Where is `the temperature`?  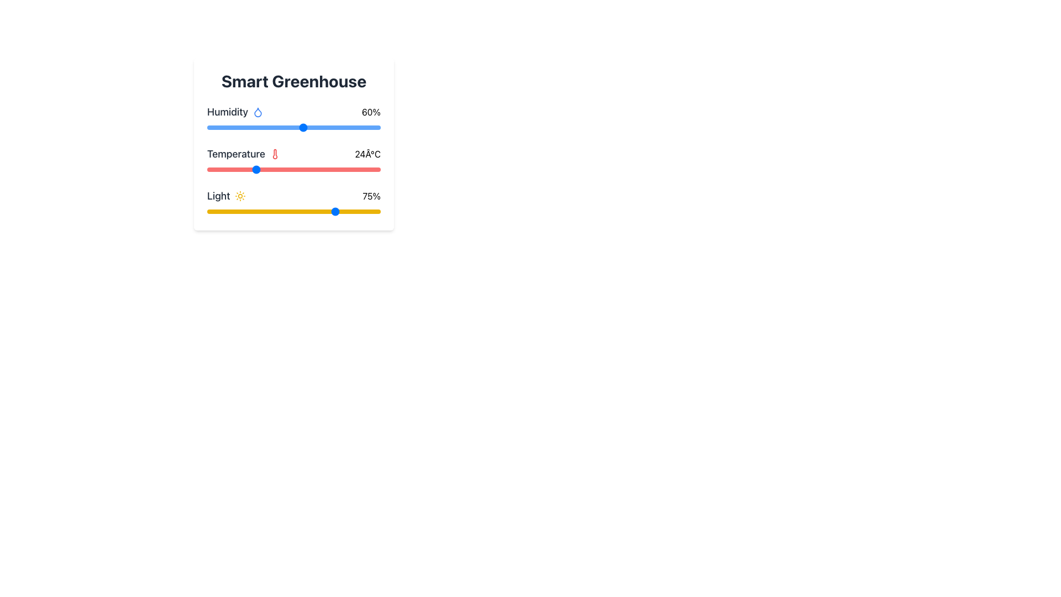
the temperature is located at coordinates (254, 170).